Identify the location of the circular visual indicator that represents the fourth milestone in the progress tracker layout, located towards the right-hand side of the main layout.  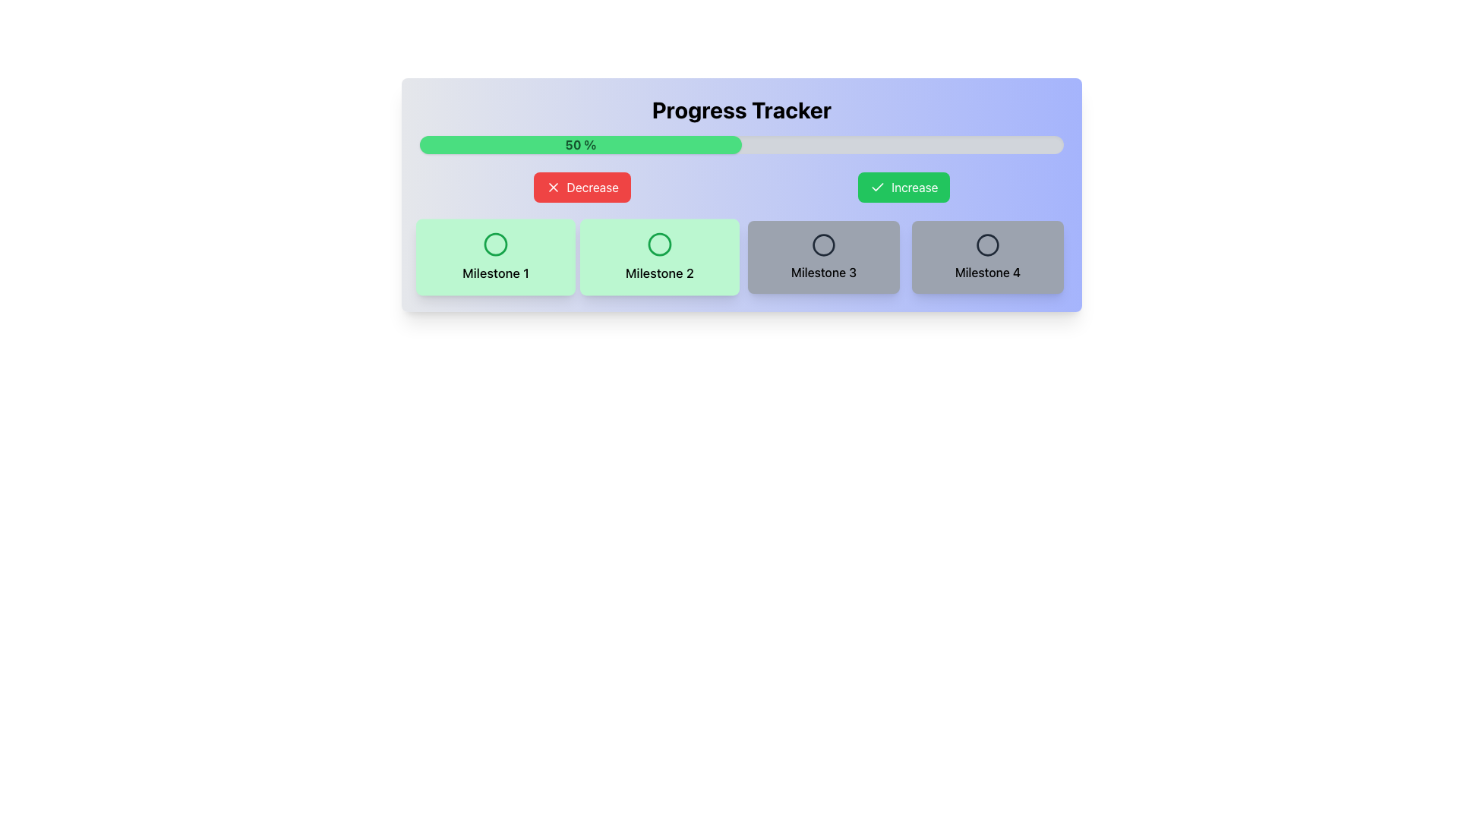
(987, 244).